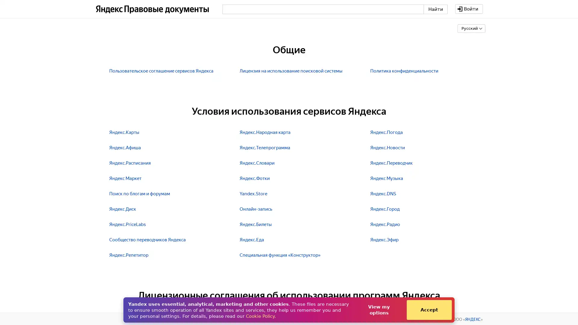  I want to click on View my options, so click(378, 310).